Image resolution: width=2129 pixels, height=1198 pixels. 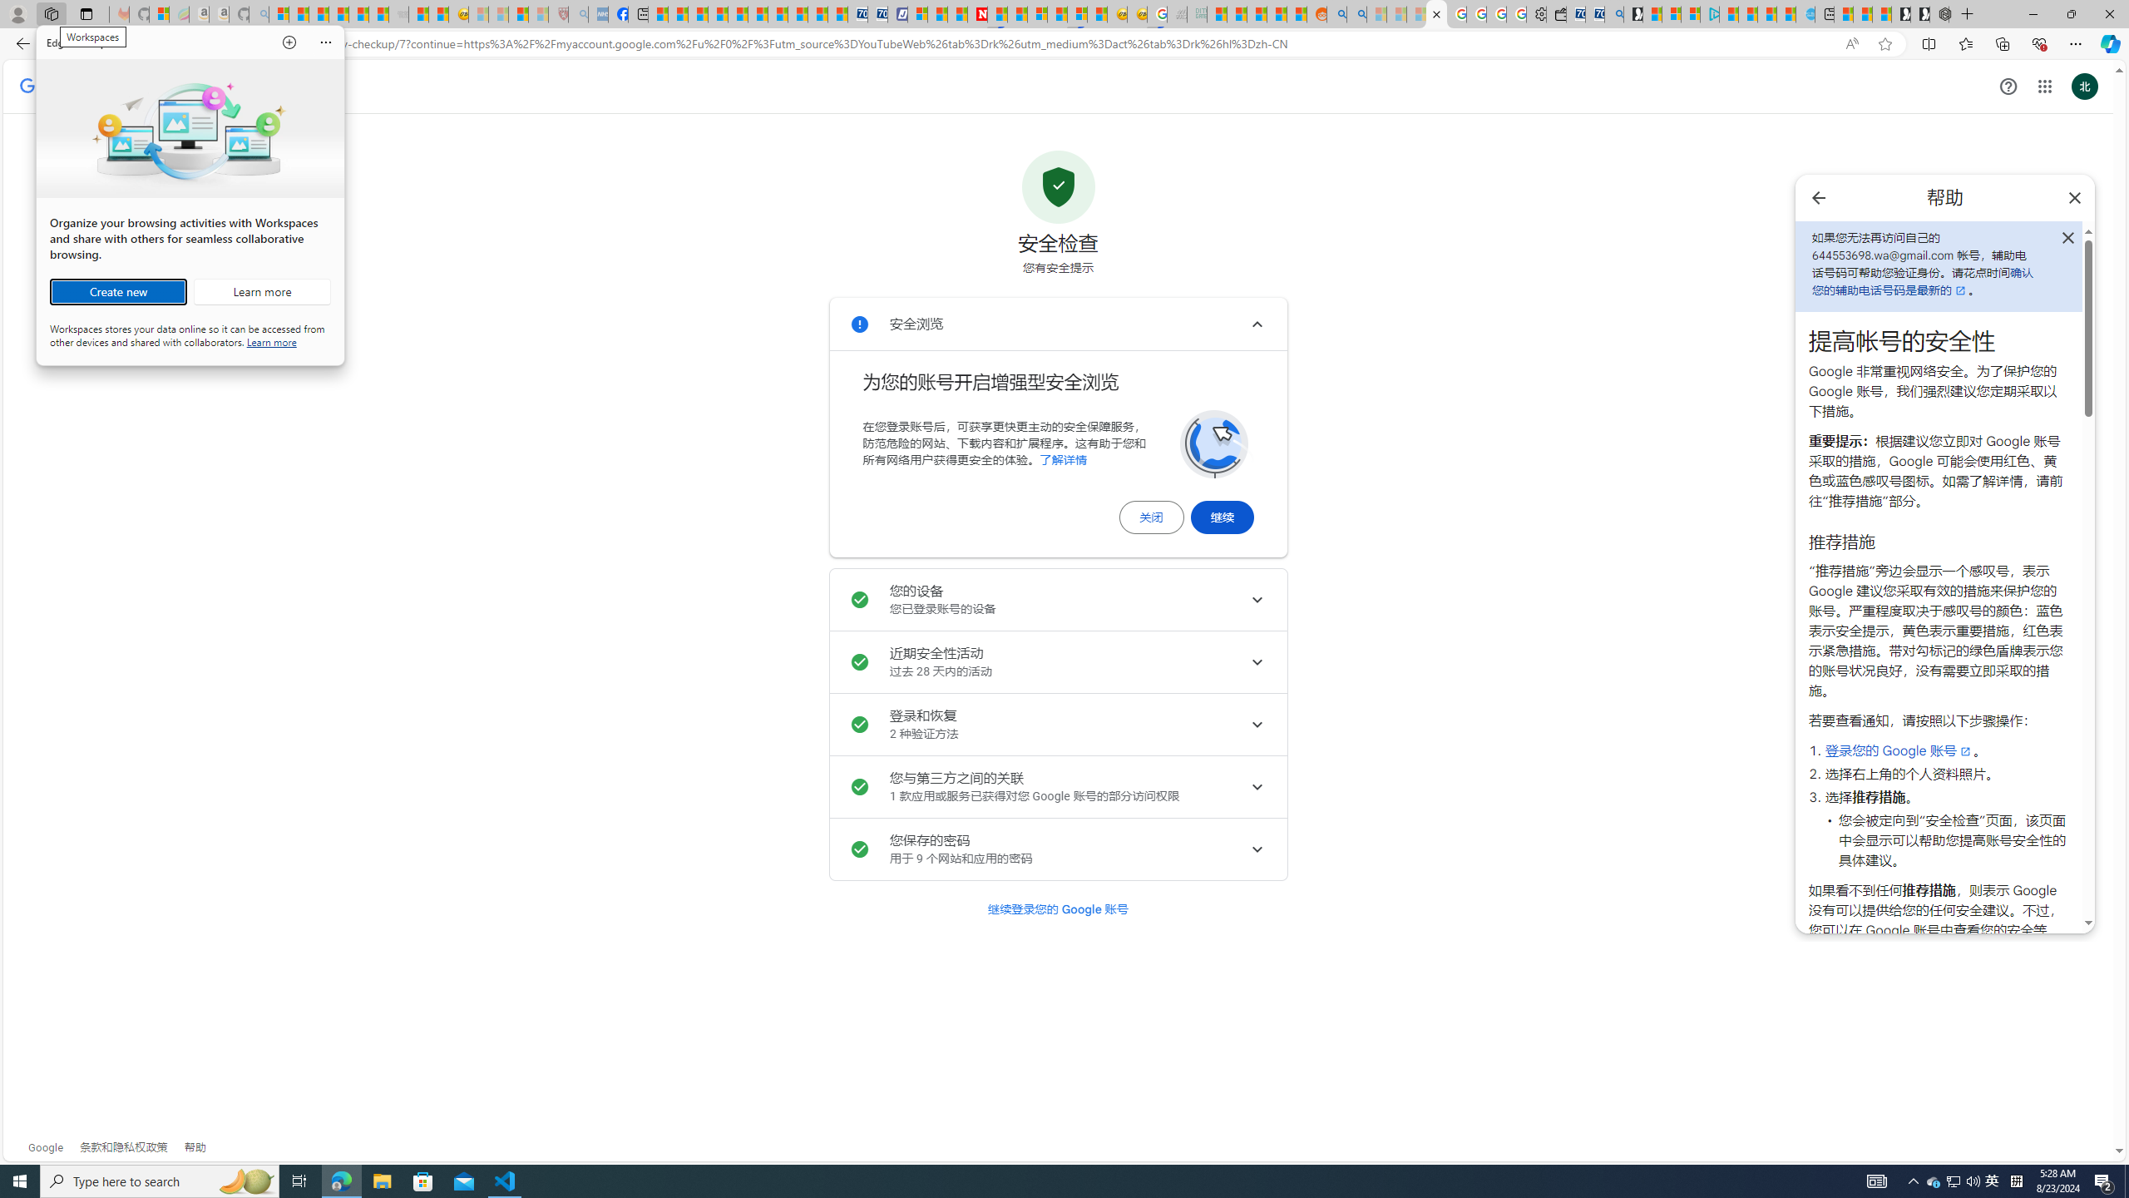 What do you see at coordinates (2126, 1180) in the screenshot?
I see `'Show desktop'` at bounding box center [2126, 1180].